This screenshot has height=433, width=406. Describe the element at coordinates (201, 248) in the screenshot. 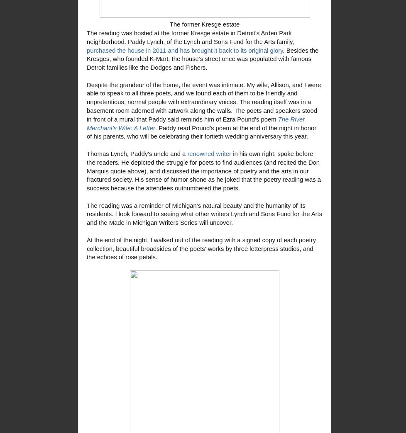

I see `'At the end of the night, I walked out of the reading with a signed copy of each poetry collection, beautiful broadsides of the poets' works by three letterpress studios, and the echoes of rose petals.'` at that location.